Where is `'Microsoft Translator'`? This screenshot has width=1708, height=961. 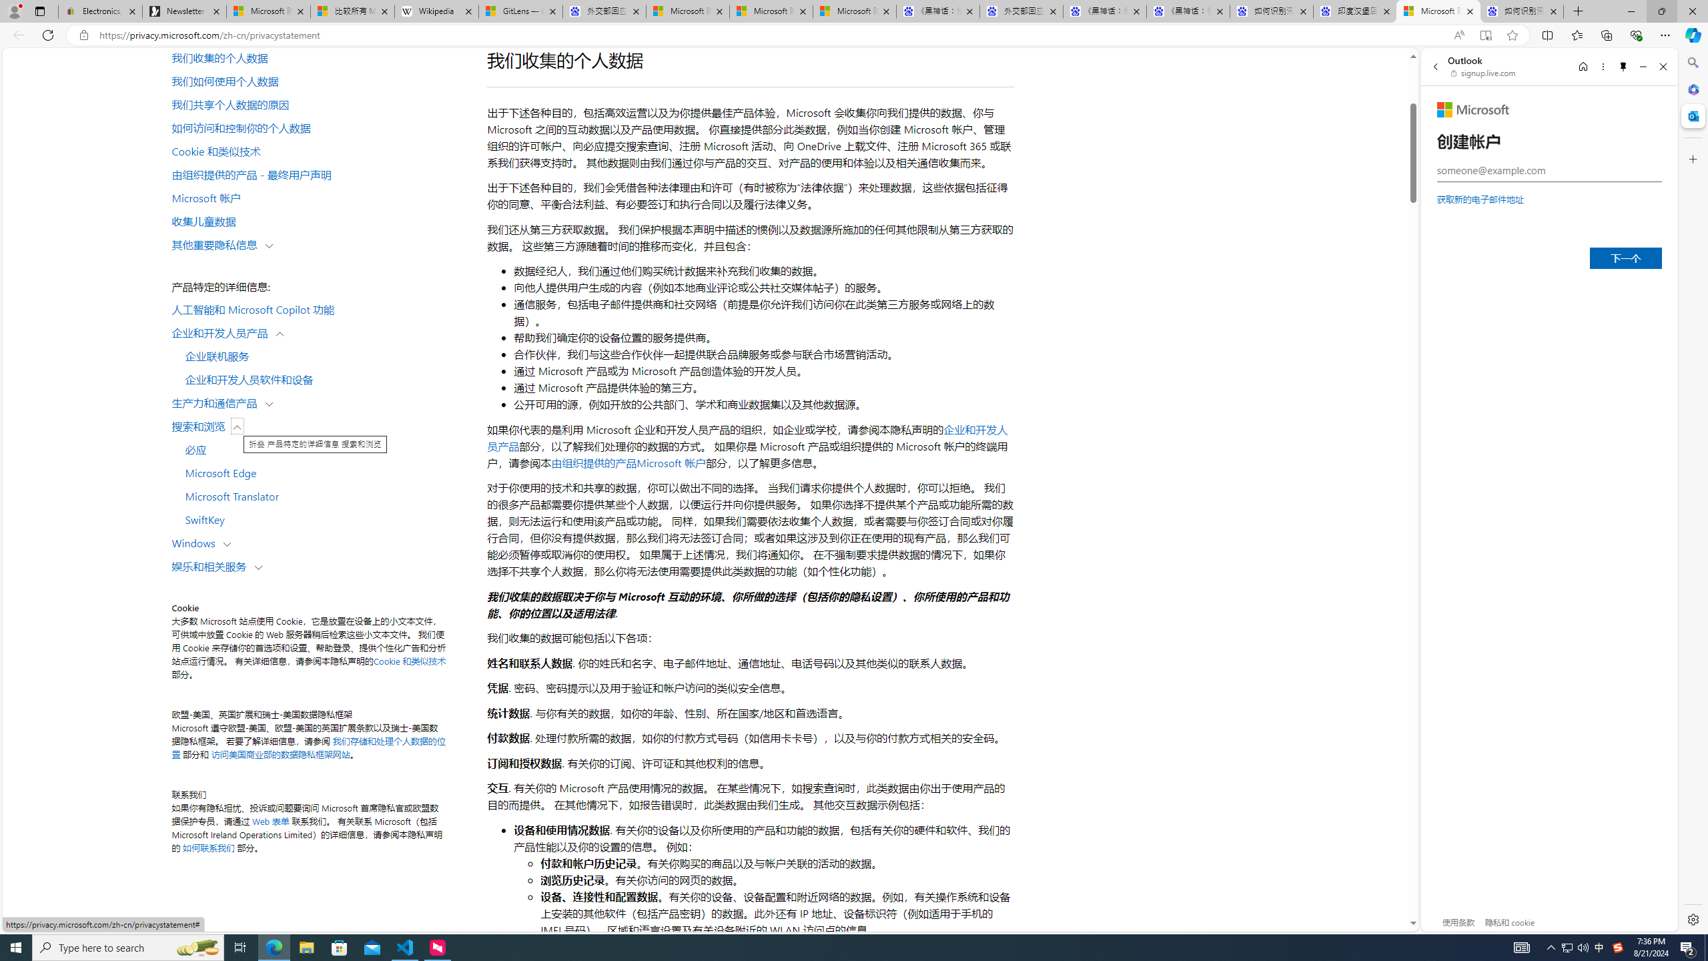 'Microsoft Translator' is located at coordinates (321, 495).